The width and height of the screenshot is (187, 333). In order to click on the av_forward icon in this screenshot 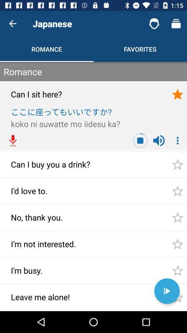, I will do `click(167, 291)`.